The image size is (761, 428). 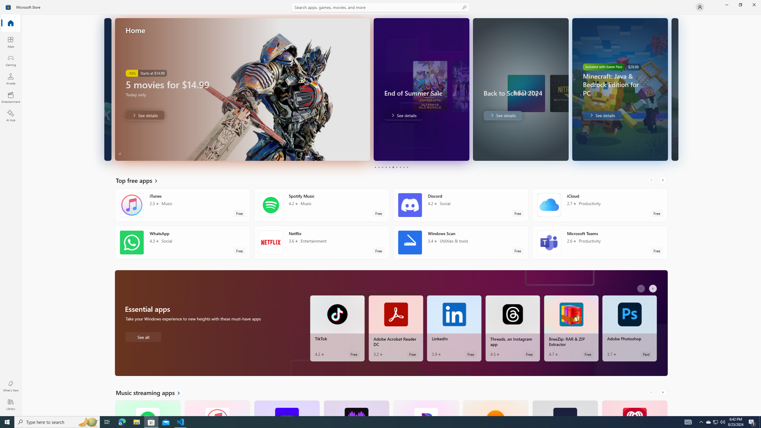 I want to click on 'Minimize Microsoft Store', so click(x=726, y=4).